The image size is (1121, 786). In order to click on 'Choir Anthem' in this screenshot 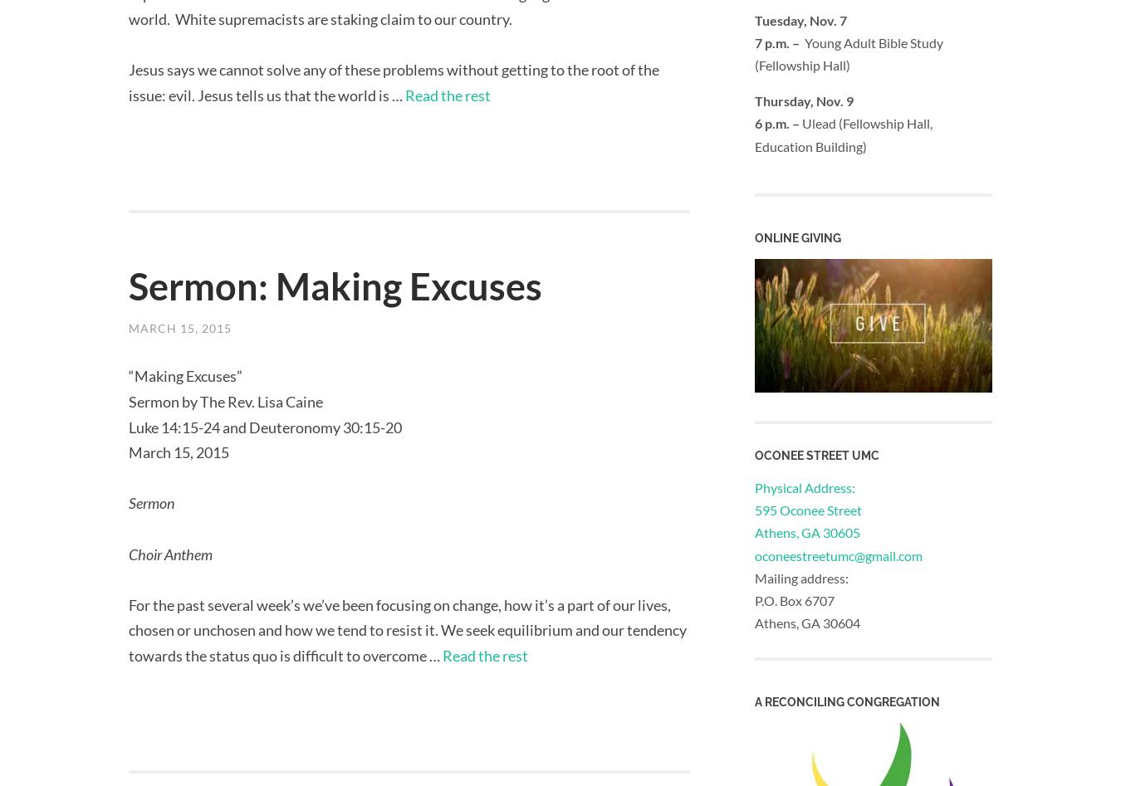, I will do `click(128, 552)`.